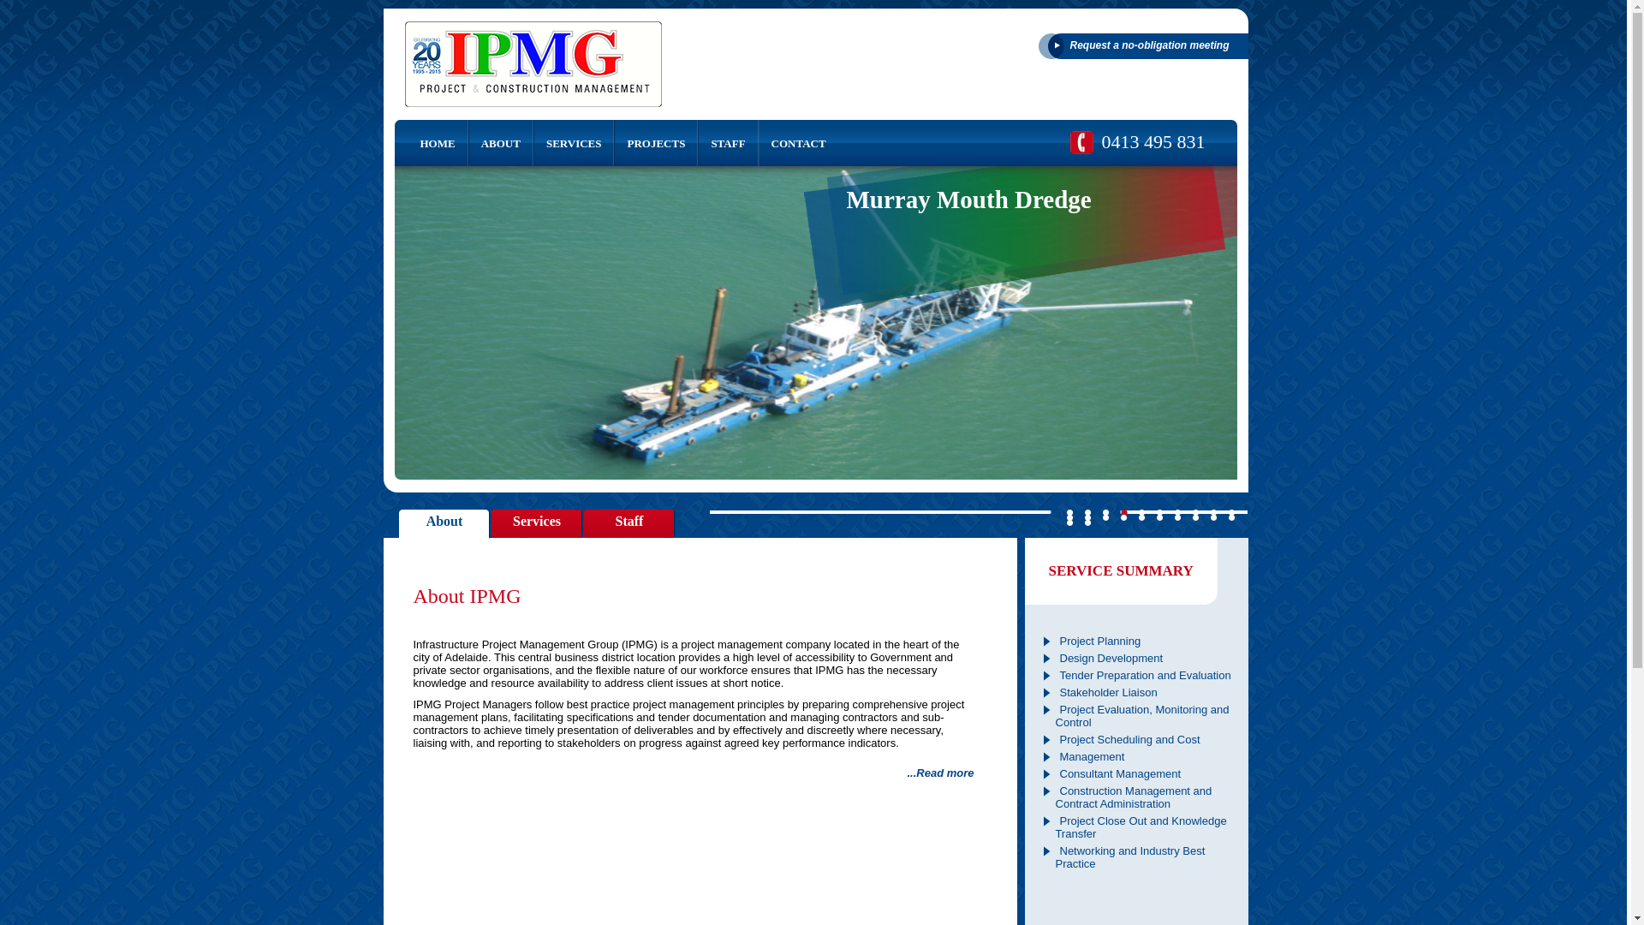 The height and width of the screenshot is (925, 1644). I want to click on '4', so click(1123, 510).